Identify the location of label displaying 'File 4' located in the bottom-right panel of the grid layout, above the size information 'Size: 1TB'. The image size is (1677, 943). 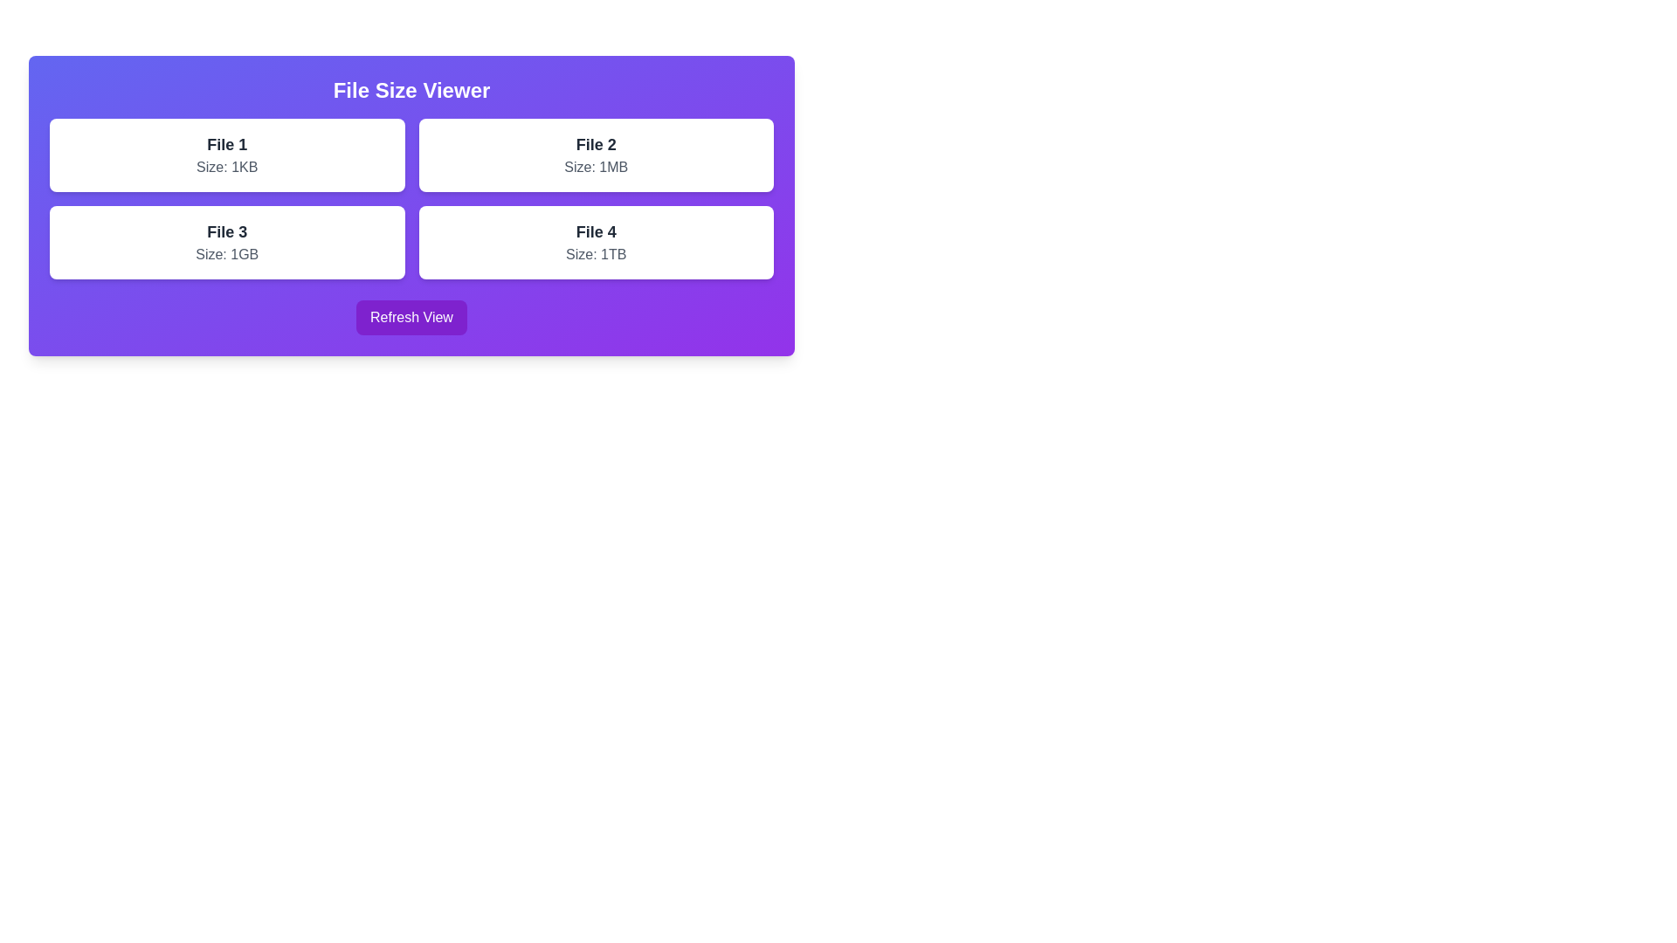
(596, 231).